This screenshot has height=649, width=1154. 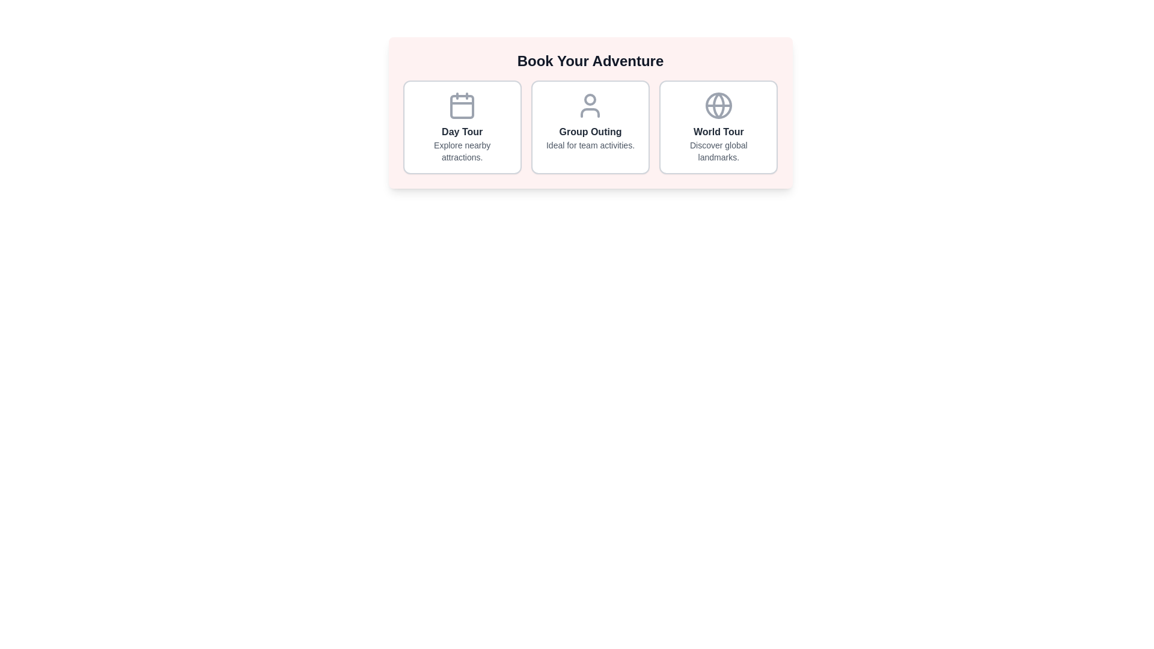 What do you see at coordinates (590, 145) in the screenshot?
I see `the text label displaying 'Ideal for team activities.' located beneath the title 'Group Outing' in the middle column of a three-column layout` at bounding box center [590, 145].